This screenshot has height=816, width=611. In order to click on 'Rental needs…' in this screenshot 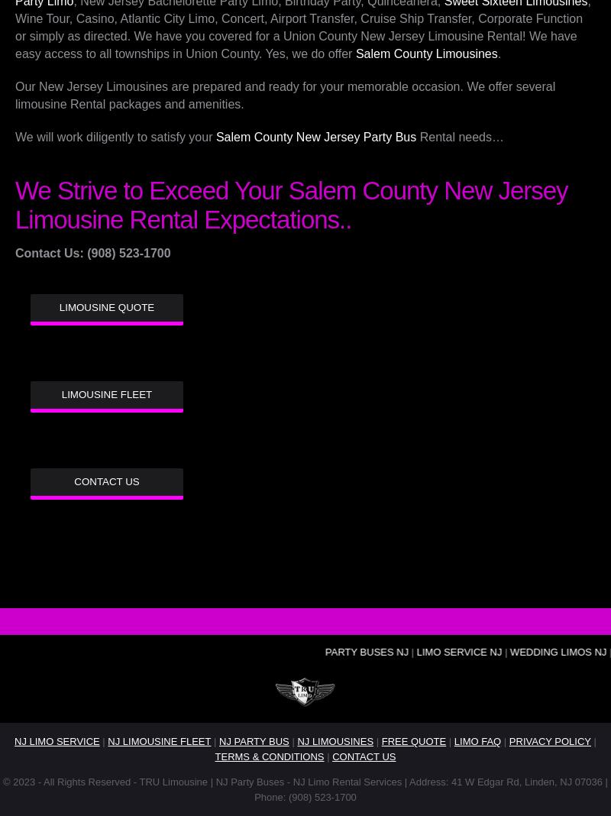, I will do `click(460, 137)`.